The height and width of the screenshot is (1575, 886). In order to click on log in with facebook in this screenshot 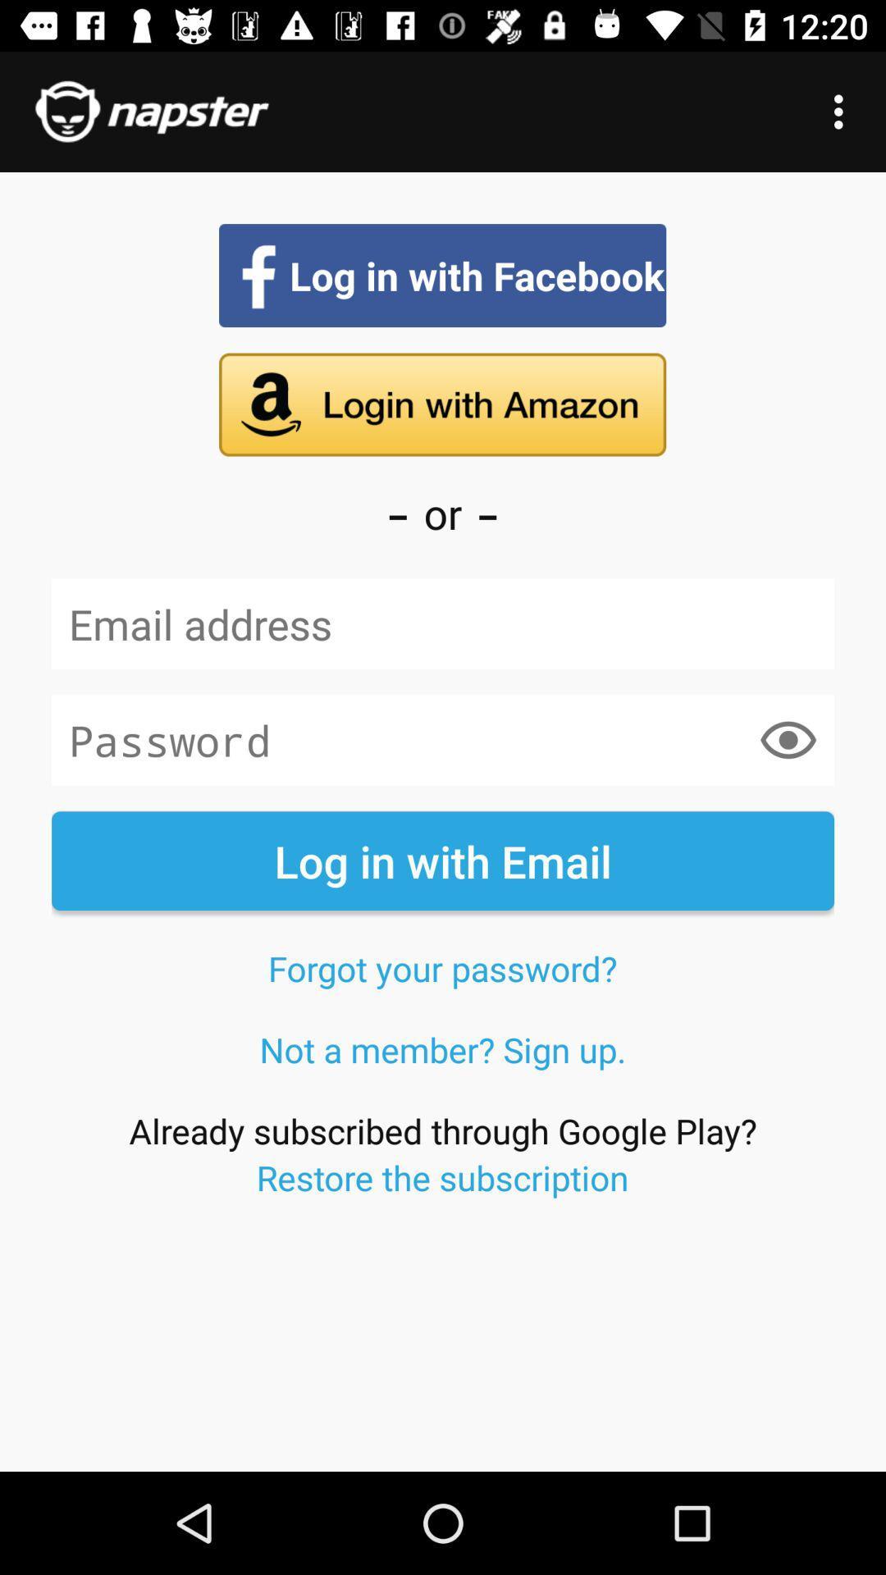, I will do `click(441, 276)`.